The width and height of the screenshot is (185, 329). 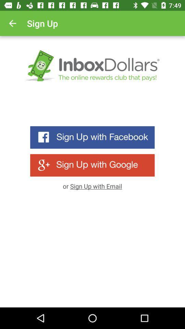 I want to click on use the 'sign up with google button to register with inbox dollars site, so click(x=92, y=165).